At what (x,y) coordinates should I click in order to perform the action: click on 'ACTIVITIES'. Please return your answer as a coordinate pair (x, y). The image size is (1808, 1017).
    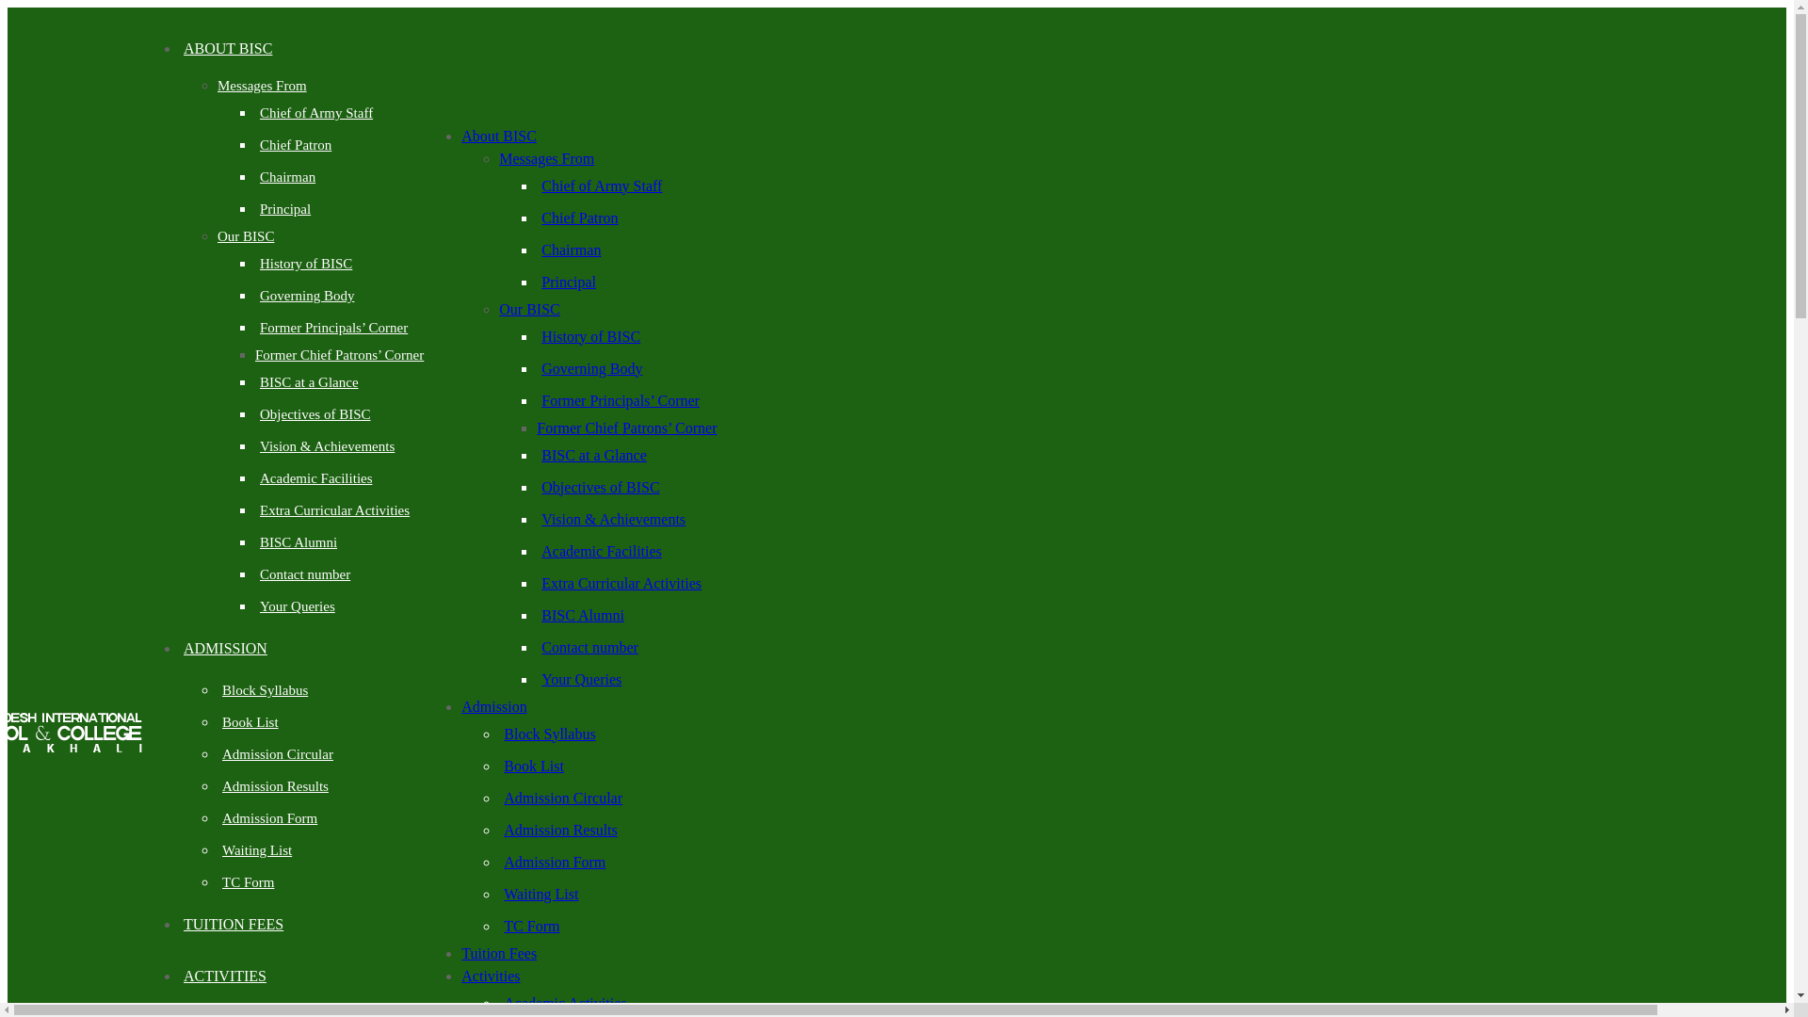
    Looking at the image, I should click on (225, 975).